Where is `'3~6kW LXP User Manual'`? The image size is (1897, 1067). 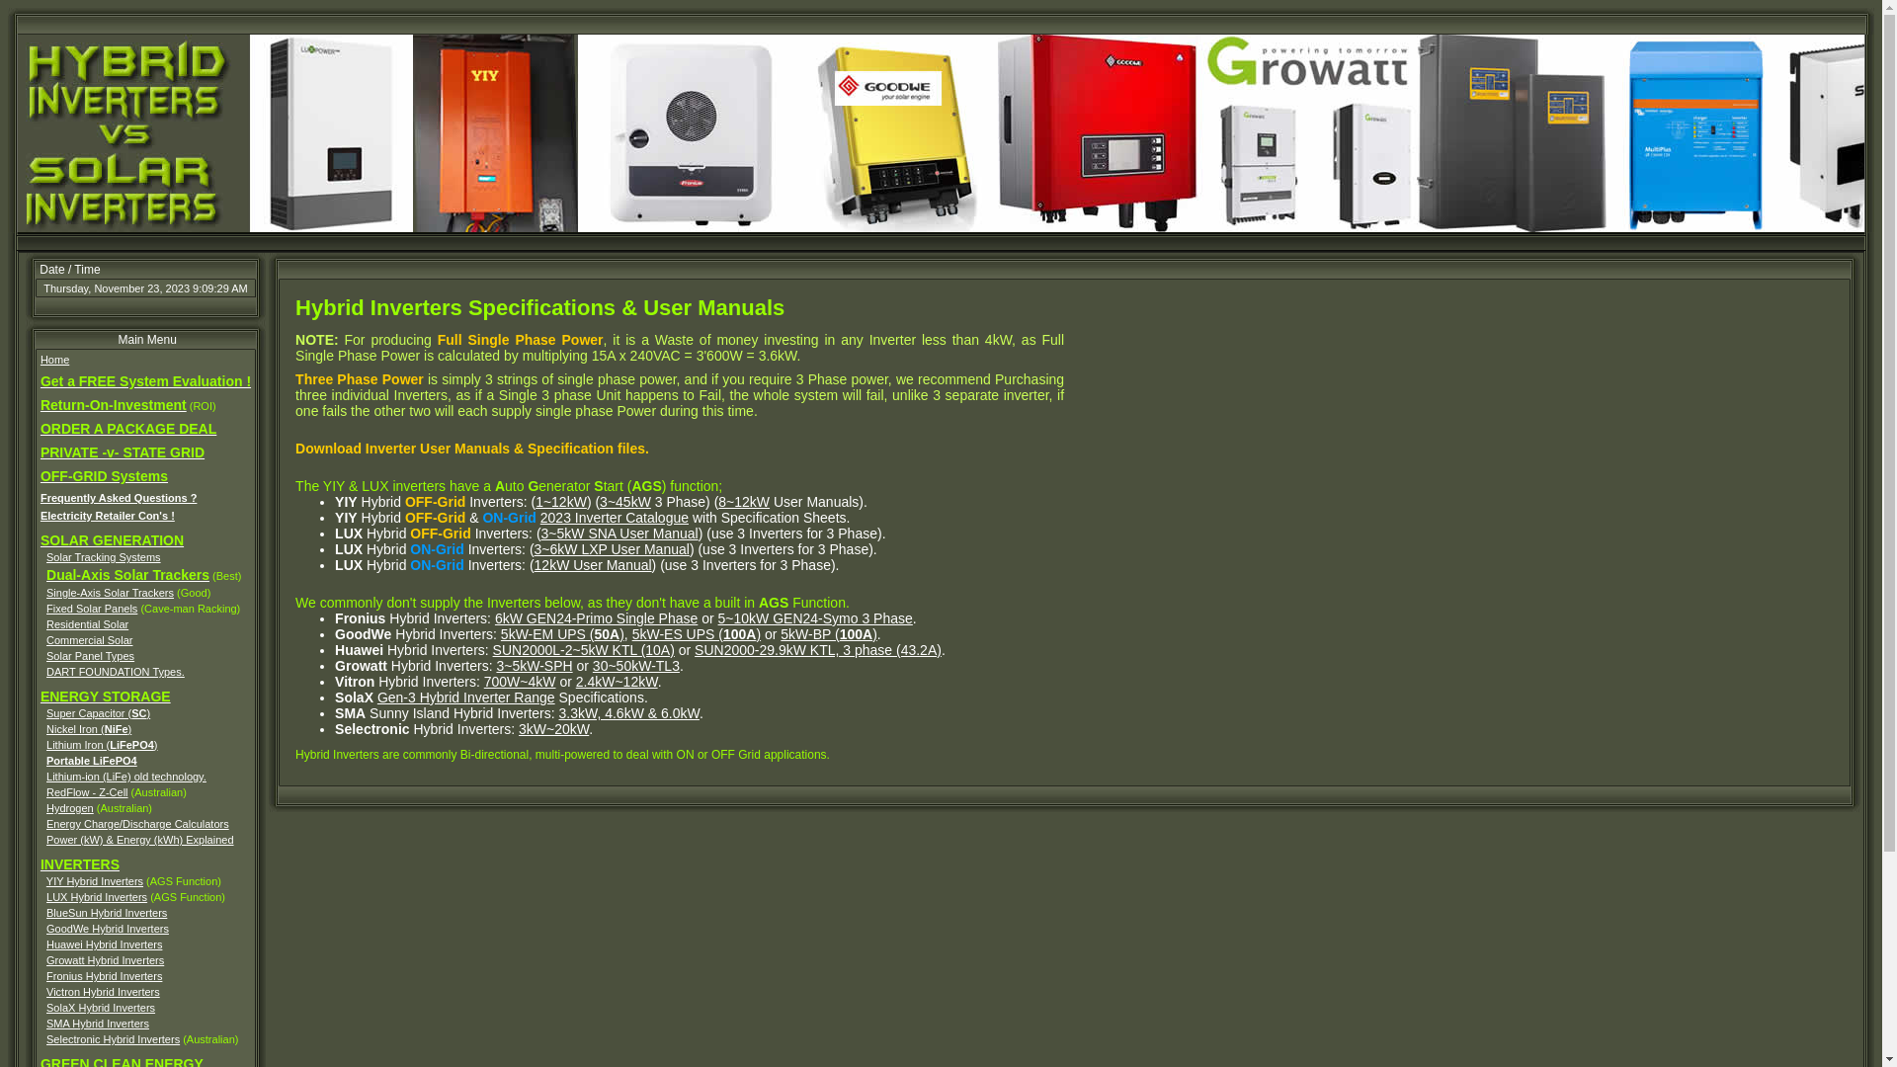
'3~6kW LXP User Manual' is located at coordinates (611, 548).